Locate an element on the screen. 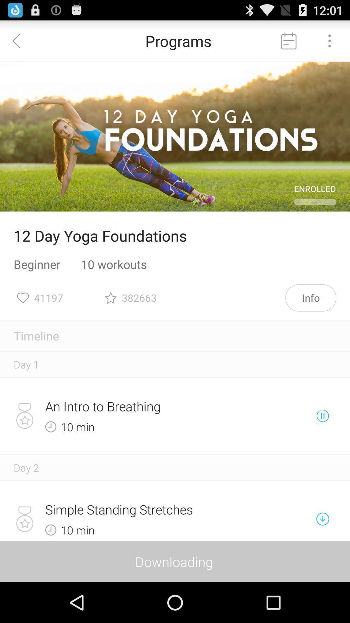  item at the top left corner is located at coordinates (20, 40).